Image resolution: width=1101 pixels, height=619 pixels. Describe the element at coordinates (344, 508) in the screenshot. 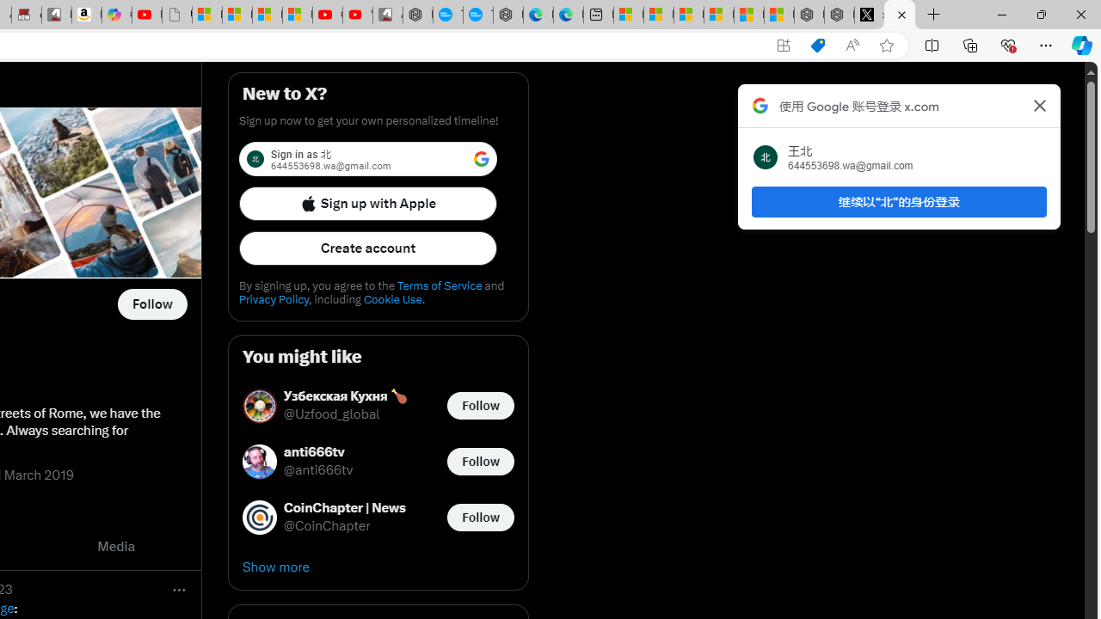

I see `'CoinChapter | News'` at that location.